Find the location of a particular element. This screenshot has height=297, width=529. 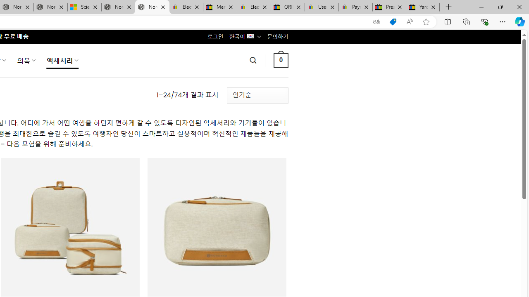

'Nordace - Summer Adventures 2024' is located at coordinates (118, 7).